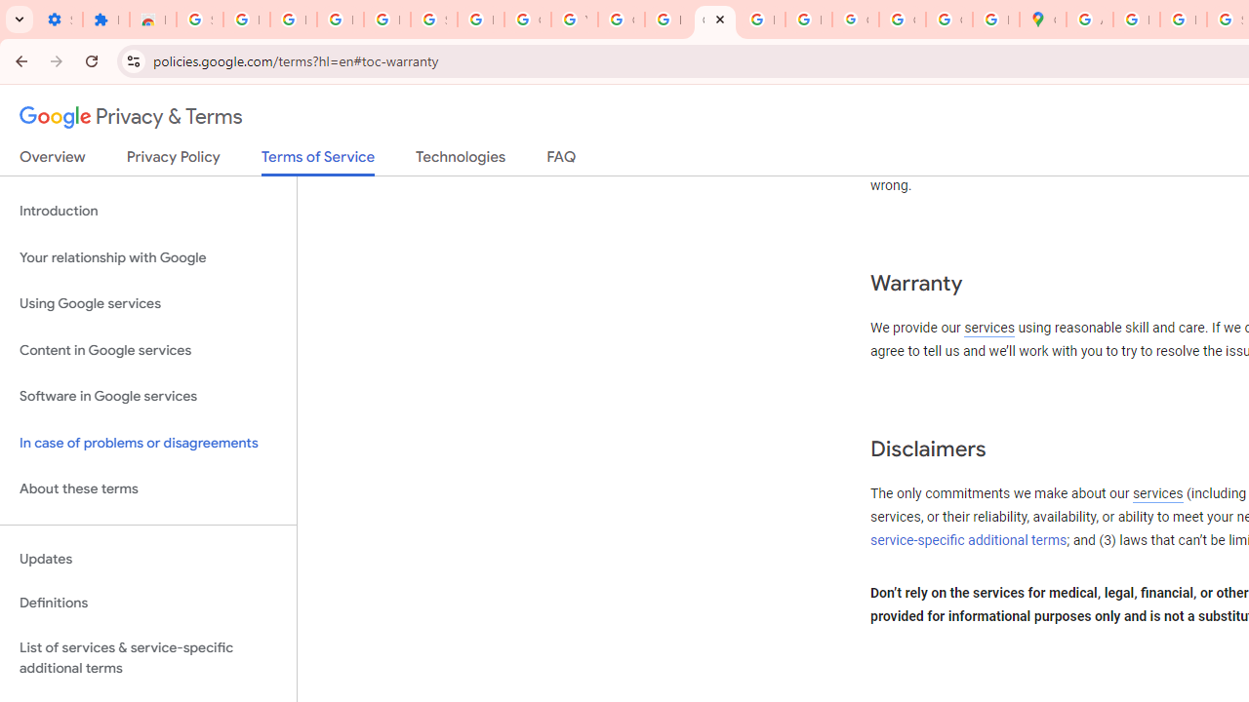 Image resolution: width=1249 pixels, height=702 pixels. What do you see at coordinates (1041, 19) in the screenshot?
I see `'Google Maps'` at bounding box center [1041, 19].